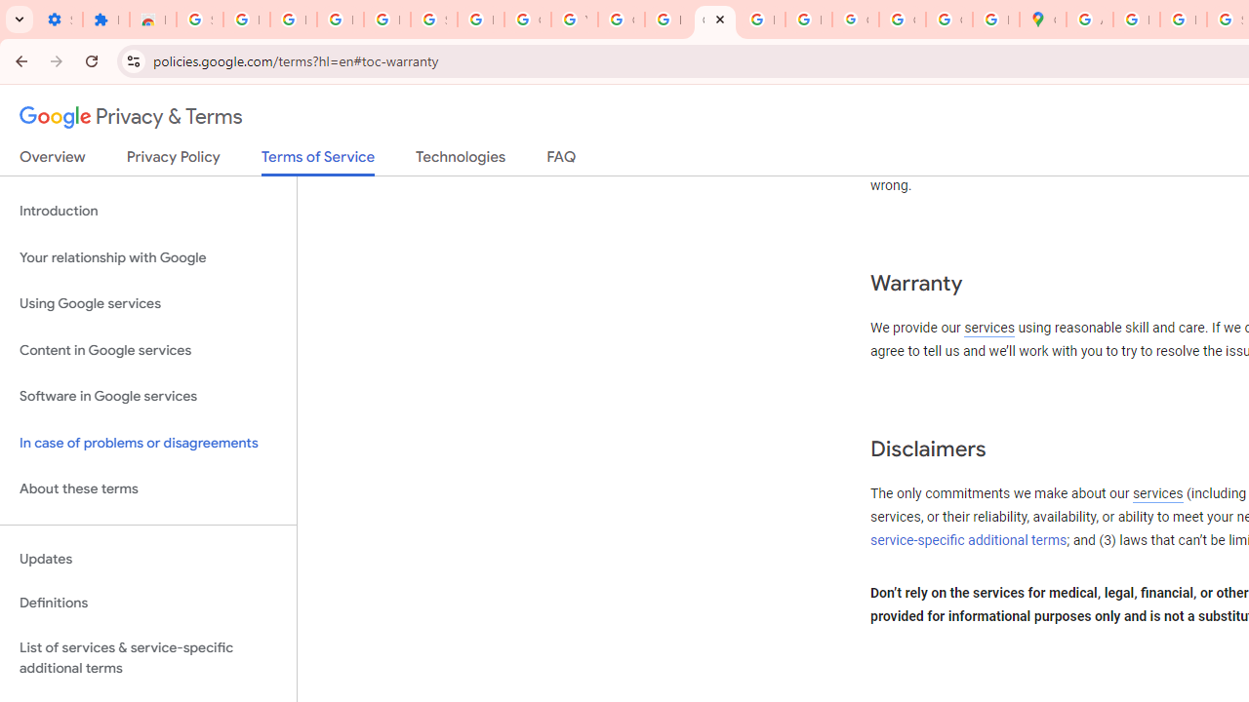 Image resolution: width=1249 pixels, height=702 pixels. What do you see at coordinates (1041, 19) in the screenshot?
I see `'Google Maps'` at bounding box center [1041, 19].